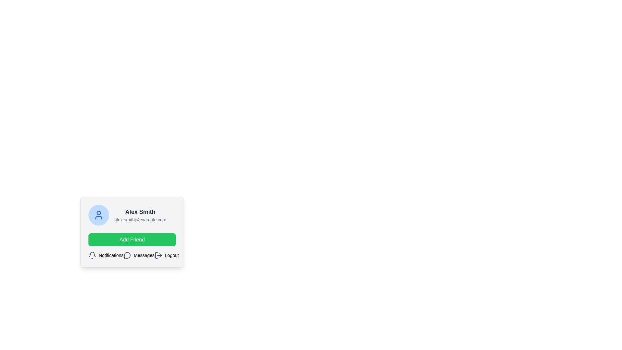  Describe the element at coordinates (127, 255) in the screenshot. I see `the Message Indicator icon, which is a speech bubble icon outlined in gray` at that location.